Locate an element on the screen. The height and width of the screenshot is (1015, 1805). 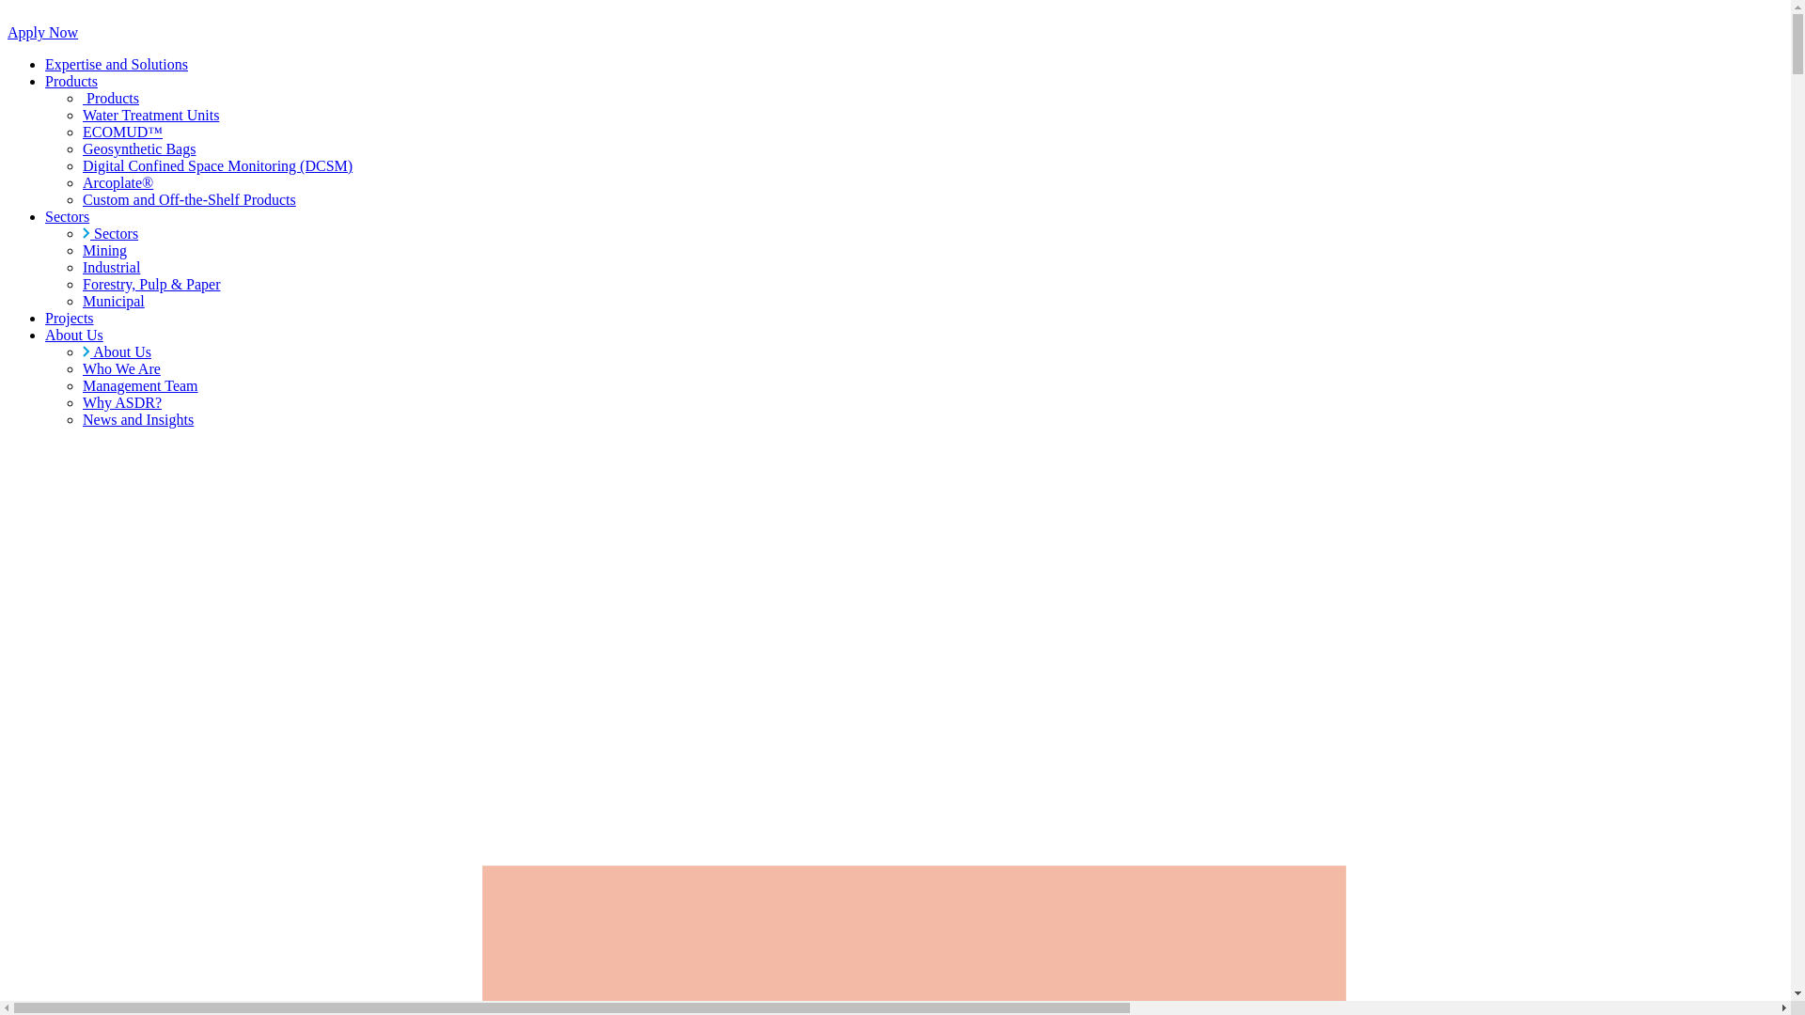
'Mining' is located at coordinates (103, 249).